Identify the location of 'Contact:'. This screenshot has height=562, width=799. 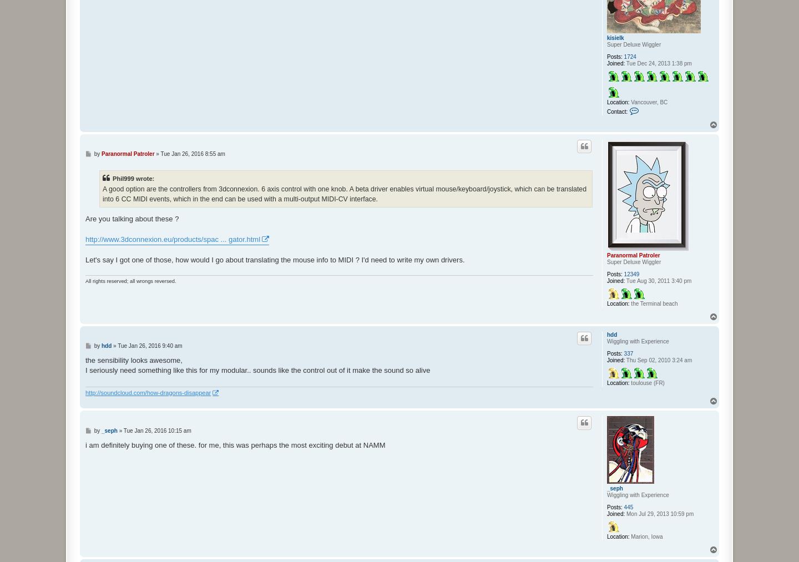
(606, 111).